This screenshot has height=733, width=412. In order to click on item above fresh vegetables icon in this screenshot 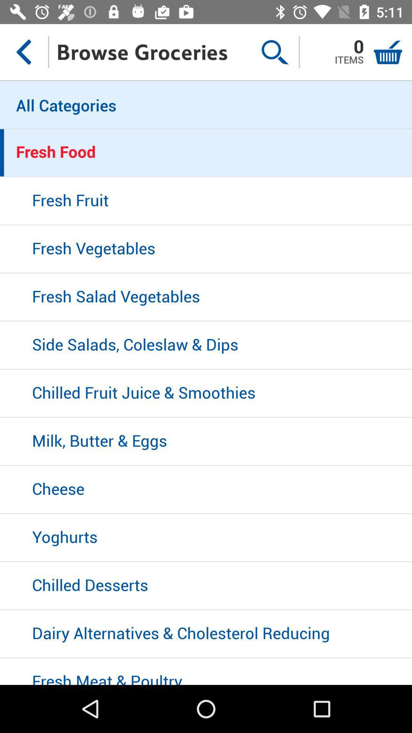, I will do `click(206, 201)`.